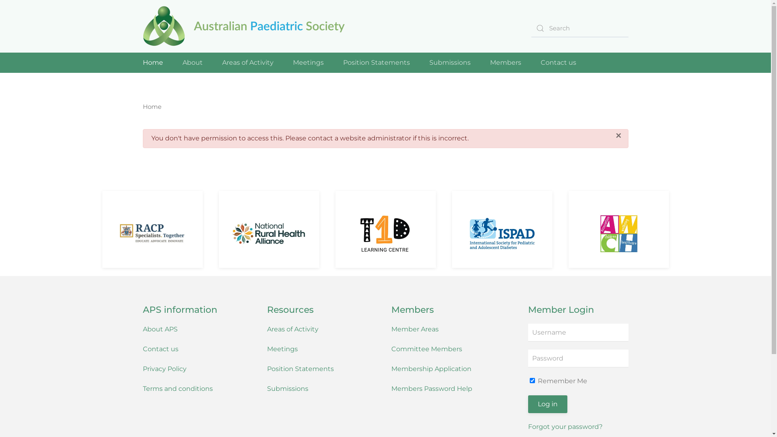 This screenshot has height=437, width=777. I want to click on 'Privacy Policy', so click(164, 369).